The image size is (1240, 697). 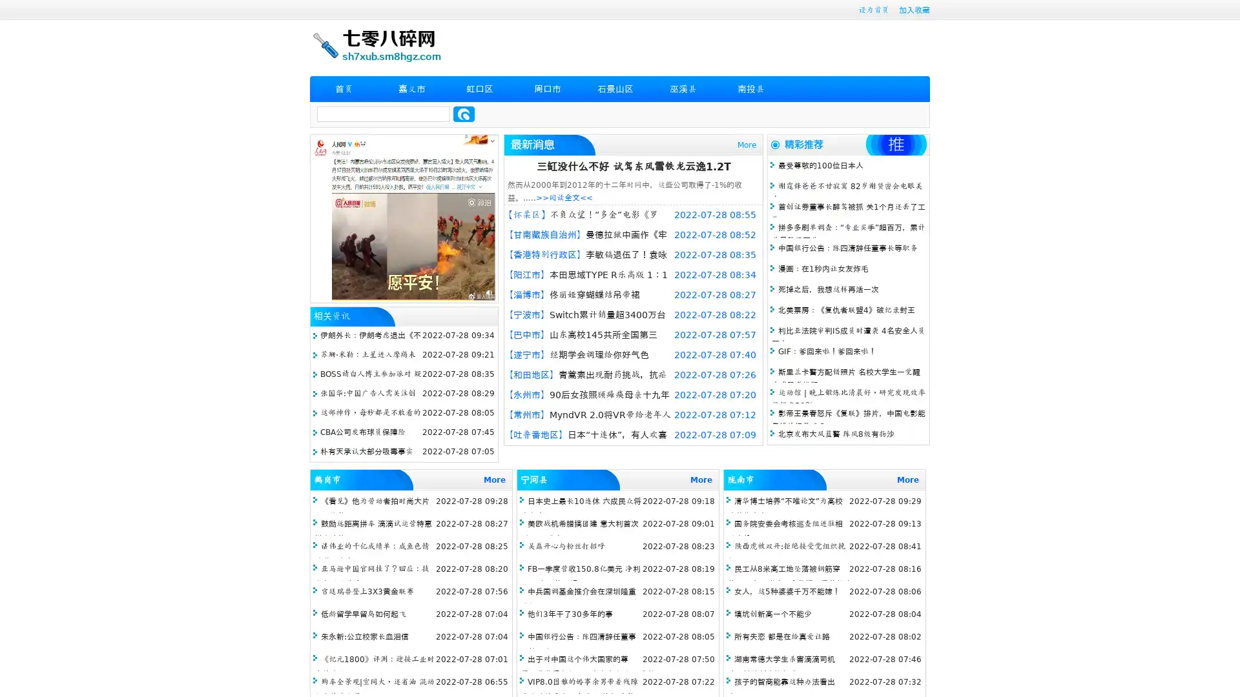 I want to click on Search, so click(x=464, y=114).